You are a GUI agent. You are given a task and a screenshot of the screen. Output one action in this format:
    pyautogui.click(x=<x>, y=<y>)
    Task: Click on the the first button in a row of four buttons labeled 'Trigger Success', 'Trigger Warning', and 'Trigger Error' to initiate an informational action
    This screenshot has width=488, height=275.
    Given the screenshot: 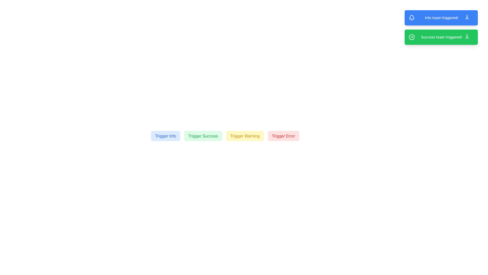 What is the action you would take?
    pyautogui.click(x=165, y=135)
    